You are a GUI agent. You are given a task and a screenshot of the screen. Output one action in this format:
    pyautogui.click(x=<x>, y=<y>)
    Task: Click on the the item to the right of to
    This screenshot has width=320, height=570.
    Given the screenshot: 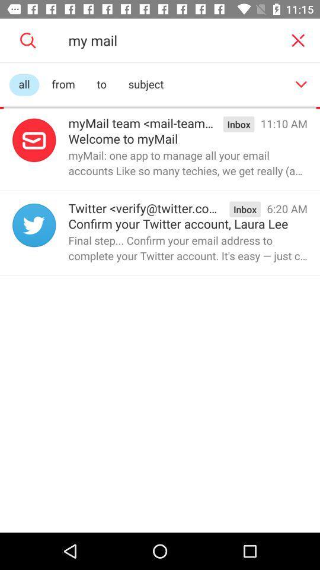 What is the action you would take?
    pyautogui.click(x=146, y=84)
    